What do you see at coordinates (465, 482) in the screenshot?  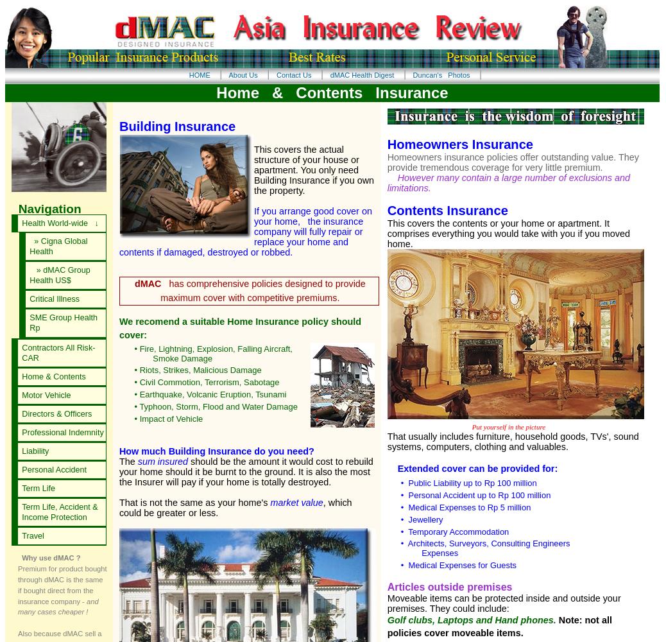 I see `'•  Public Liability up to Rp 100 million'` at bounding box center [465, 482].